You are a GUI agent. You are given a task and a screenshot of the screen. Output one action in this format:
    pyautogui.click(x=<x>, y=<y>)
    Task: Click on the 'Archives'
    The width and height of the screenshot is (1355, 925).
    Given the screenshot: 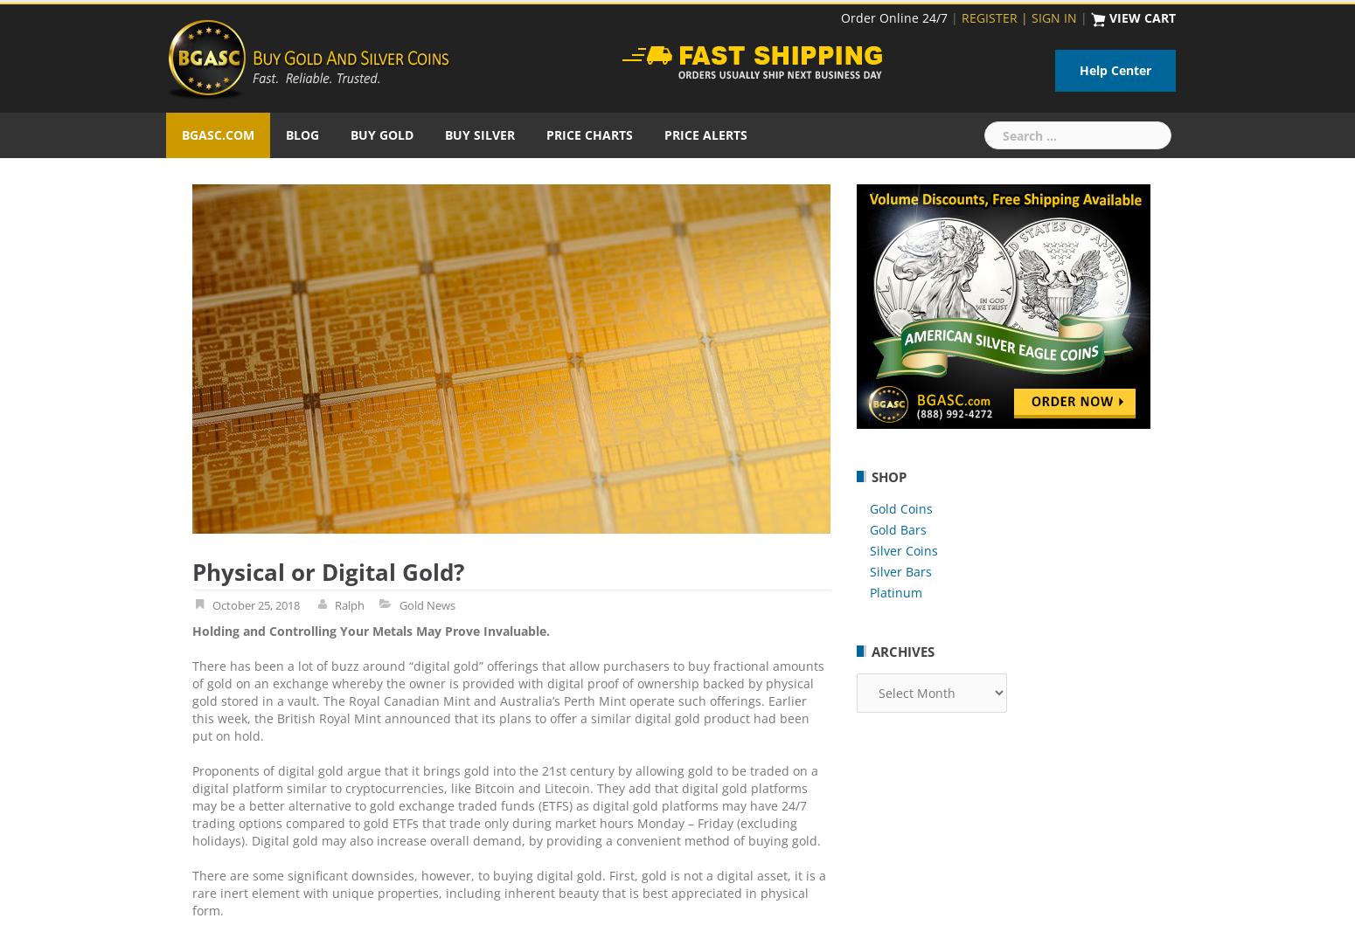 What is the action you would take?
    pyautogui.click(x=903, y=650)
    